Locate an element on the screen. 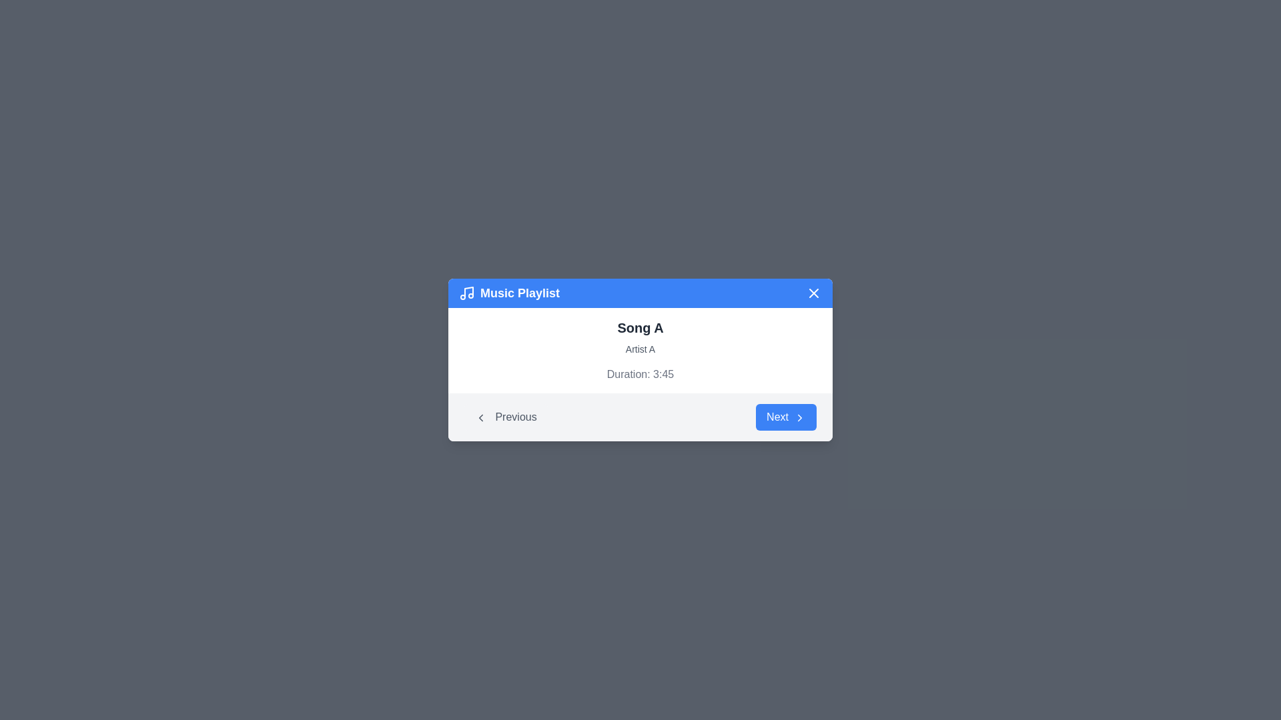 This screenshot has width=1281, height=720. text label displaying the artist's name associated with the song, located below 'Song A' and above 'Duration: 3:45' in the modal layout is located at coordinates (640, 349).